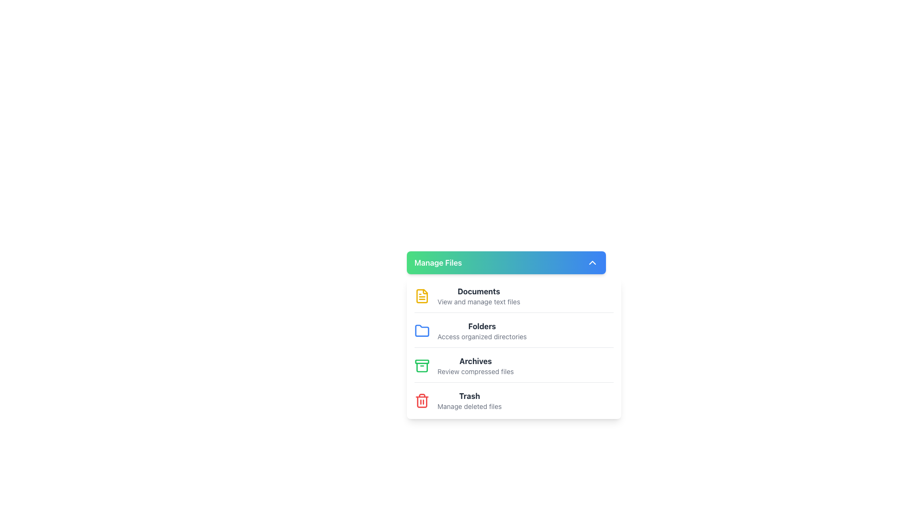 The height and width of the screenshot is (516, 919). Describe the element at coordinates (470, 396) in the screenshot. I see `the 'Trash' section label, which is the last option in the vertical list of items, positioned below 'Archives'` at that location.